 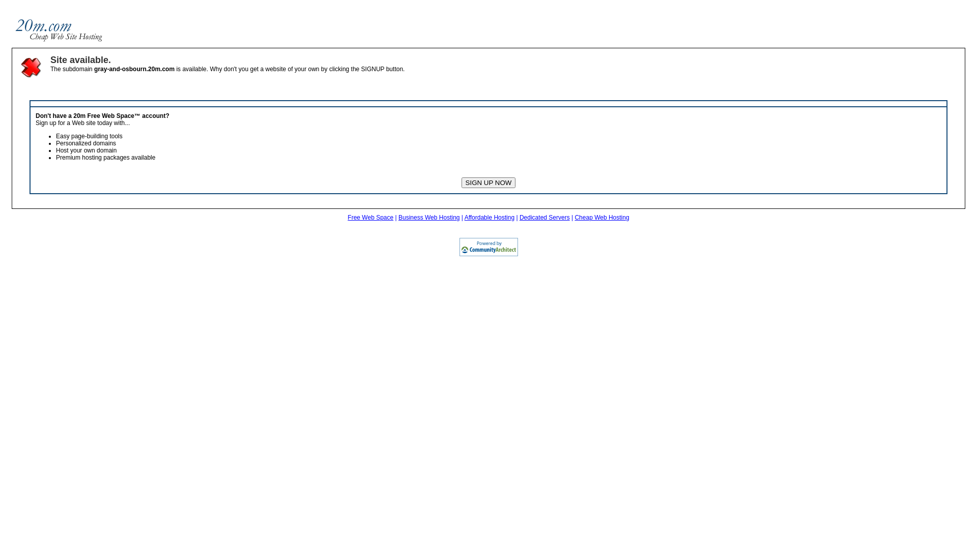 I want to click on 'Cheap Web Hosting', so click(x=601, y=217).